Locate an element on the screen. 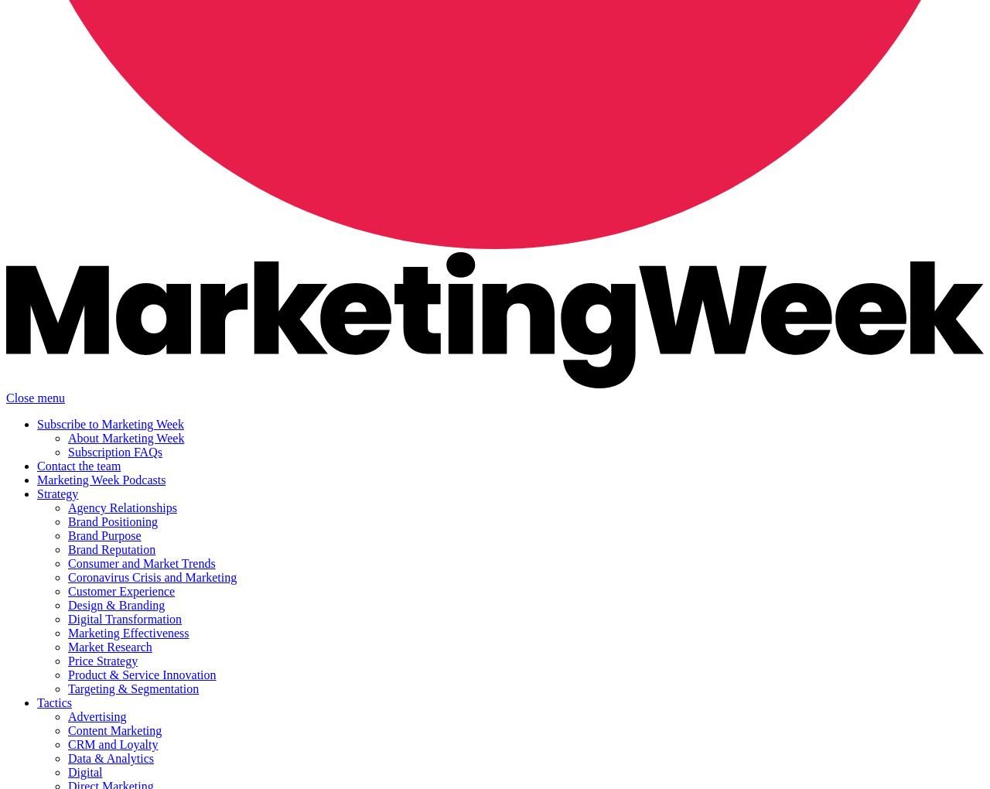 The height and width of the screenshot is (789, 990). 'Contact the team' is located at coordinates (78, 465).